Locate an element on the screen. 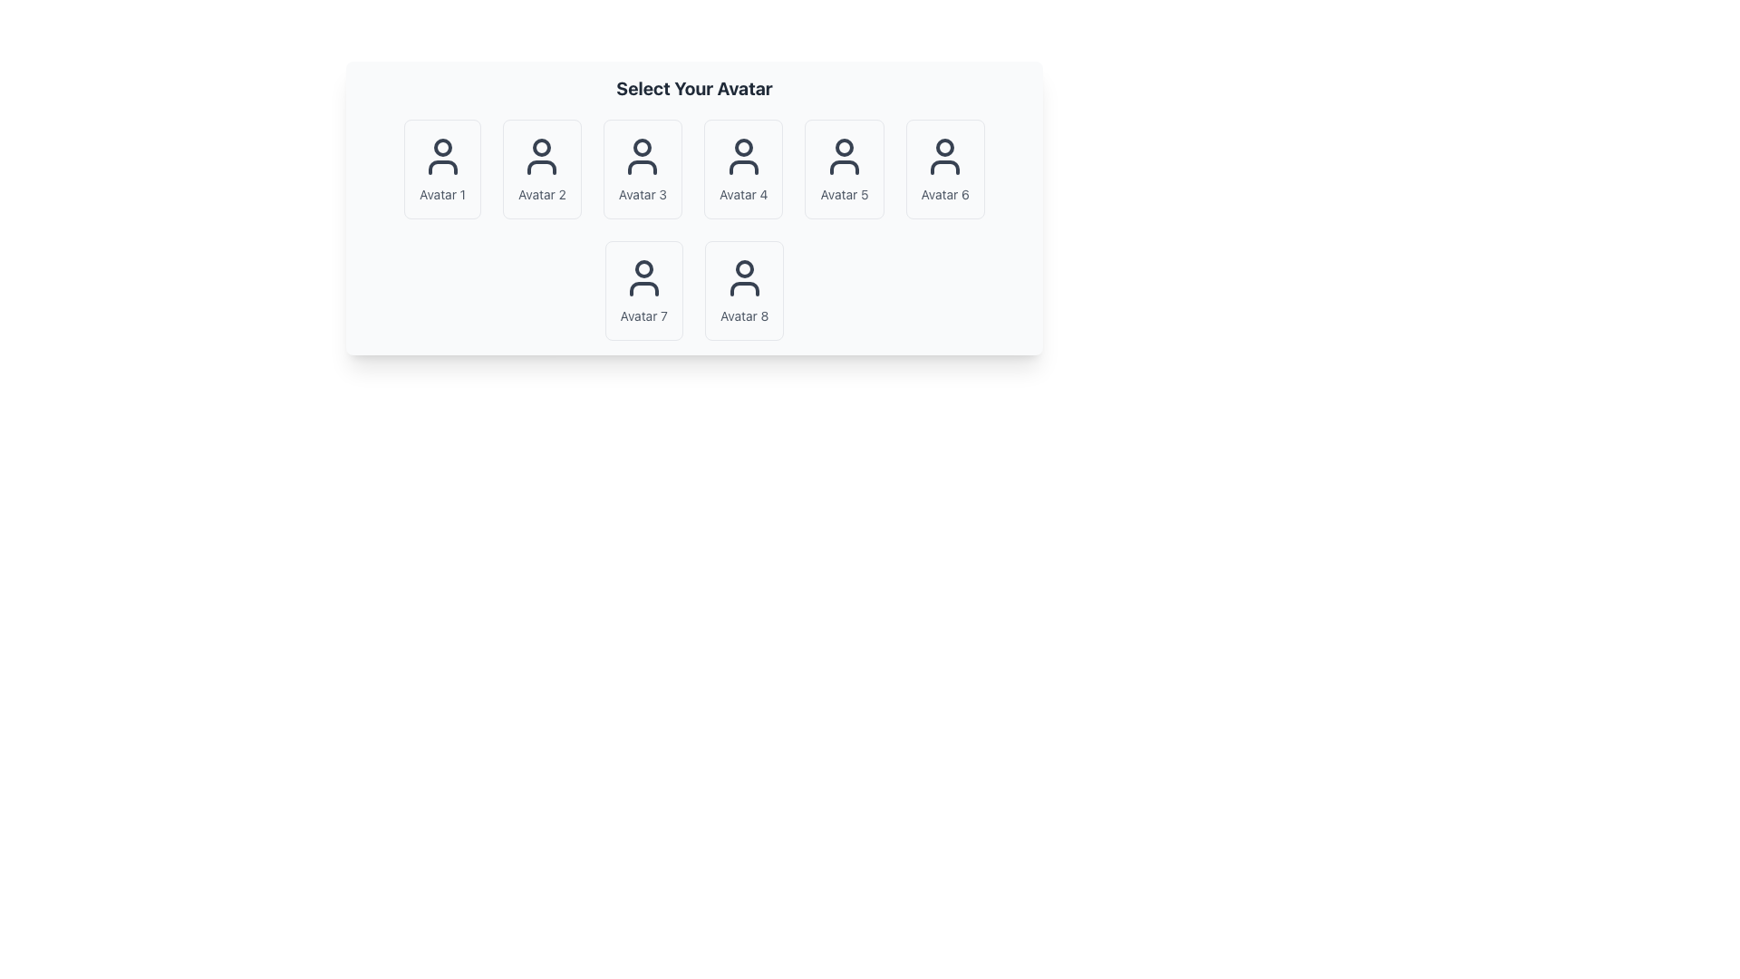  the circular icon located at the top center of Avatar 8, which is in the second row and second column of the selection grid is located at coordinates (744, 269).